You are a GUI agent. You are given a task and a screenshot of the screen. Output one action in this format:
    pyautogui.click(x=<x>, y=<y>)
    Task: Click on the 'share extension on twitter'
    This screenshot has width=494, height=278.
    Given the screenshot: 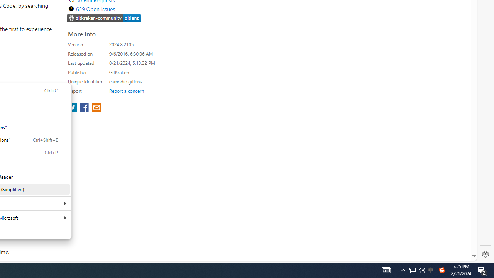 What is the action you would take?
    pyautogui.click(x=73, y=108)
    